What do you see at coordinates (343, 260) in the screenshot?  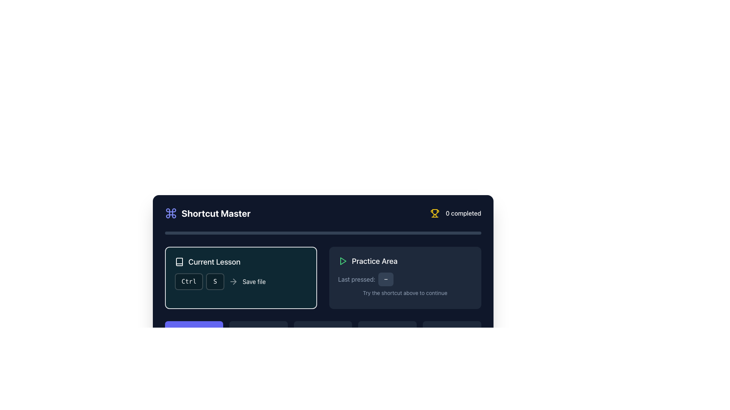 I see `the play button icon, which resembles a triangle and is located in the 'Practice Area' section of the application interface` at bounding box center [343, 260].